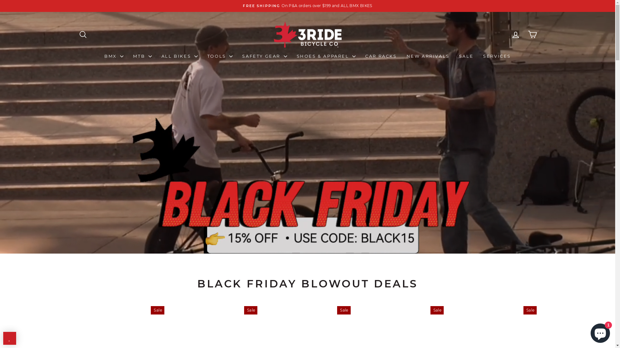  I want to click on 'SERVICES', so click(497, 55).